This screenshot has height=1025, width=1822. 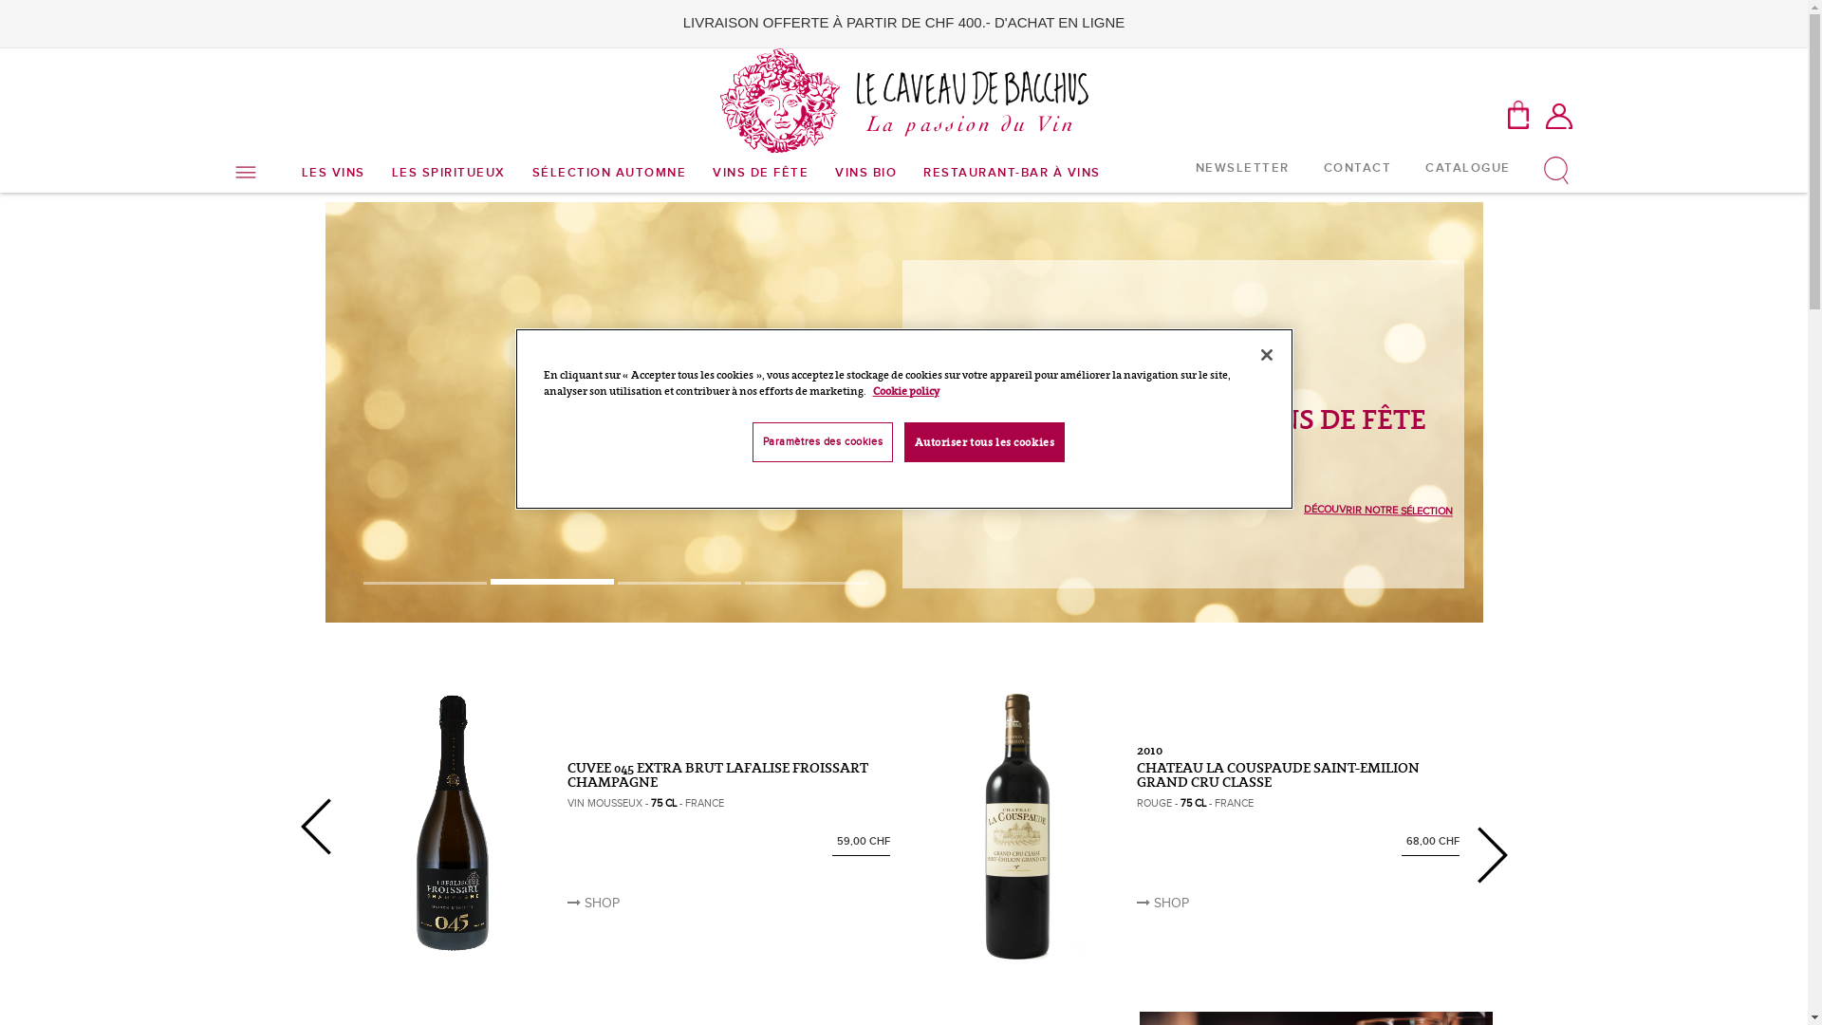 I want to click on 'CATALOGUE', so click(x=1466, y=166).